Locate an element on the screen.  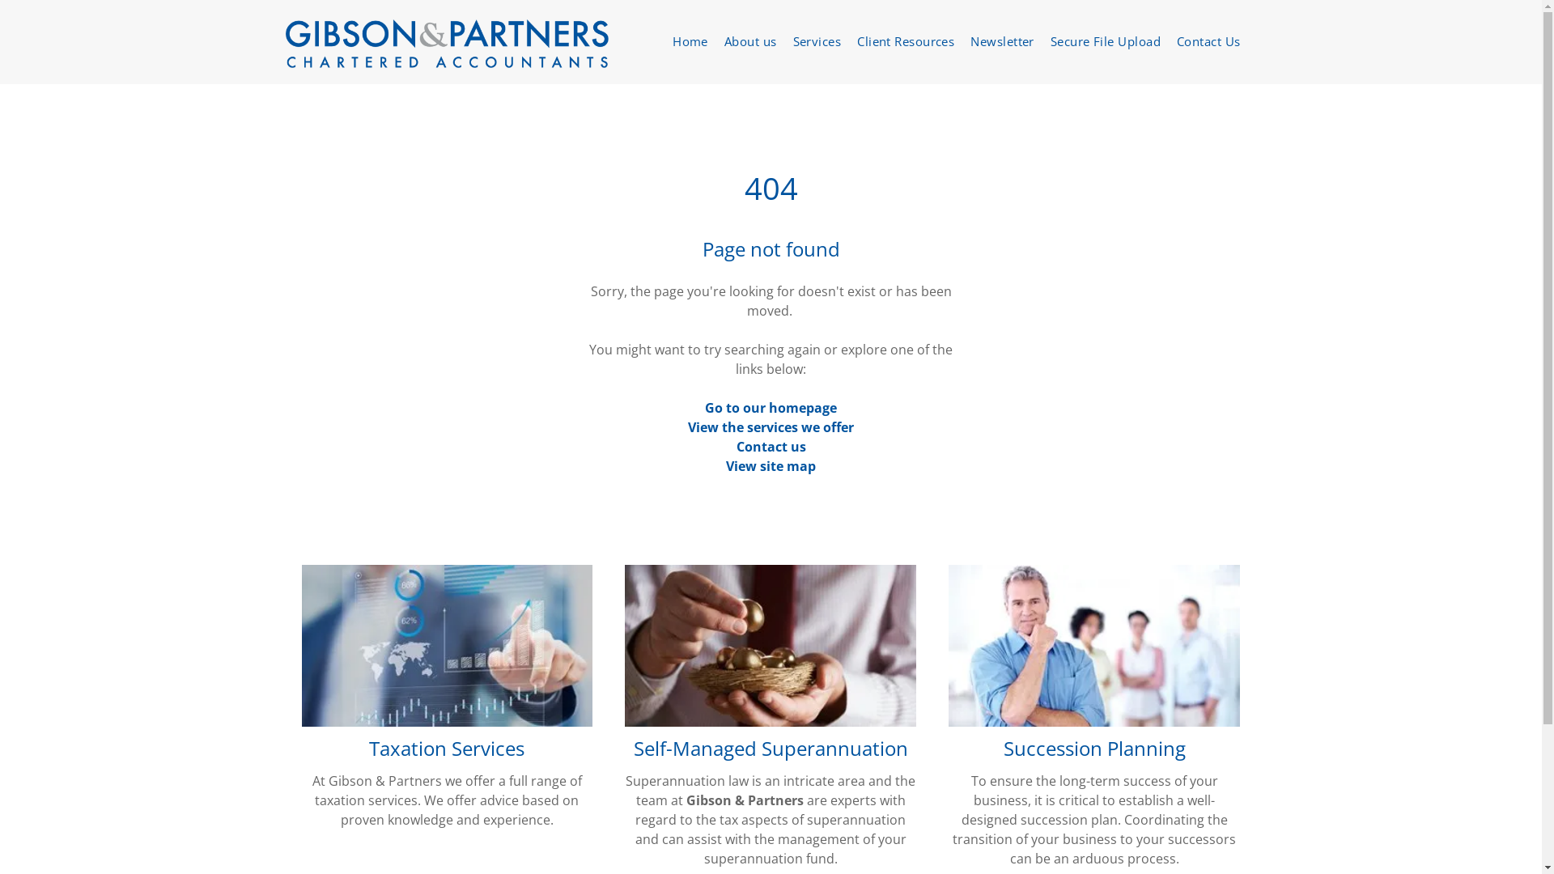
'Client Resources' is located at coordinates (904, 40).